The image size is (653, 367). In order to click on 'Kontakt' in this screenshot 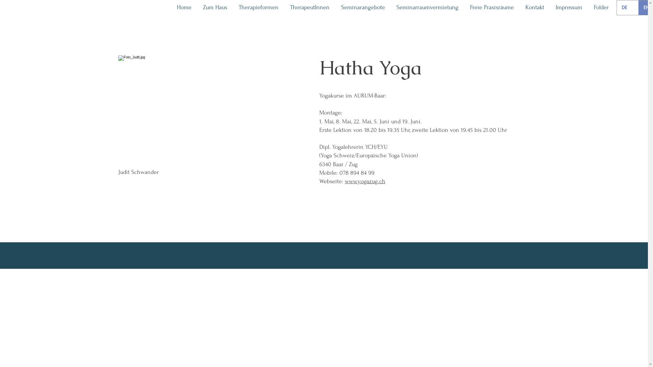, I will do `click(534, 7)`.